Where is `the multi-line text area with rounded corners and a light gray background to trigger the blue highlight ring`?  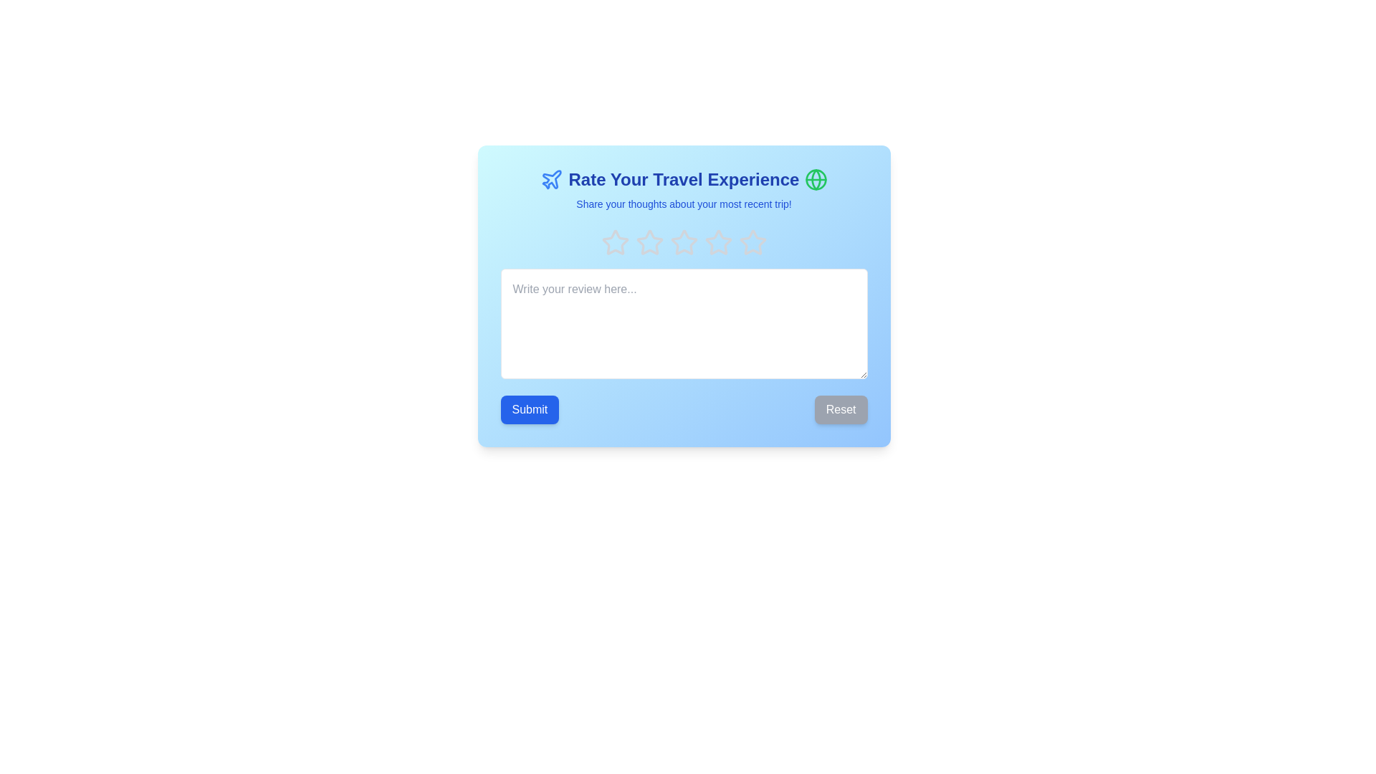 the multi-line text area with rounded corners and a light gray background to trigger the blue highlight ring is located at coordinates (683, 323).